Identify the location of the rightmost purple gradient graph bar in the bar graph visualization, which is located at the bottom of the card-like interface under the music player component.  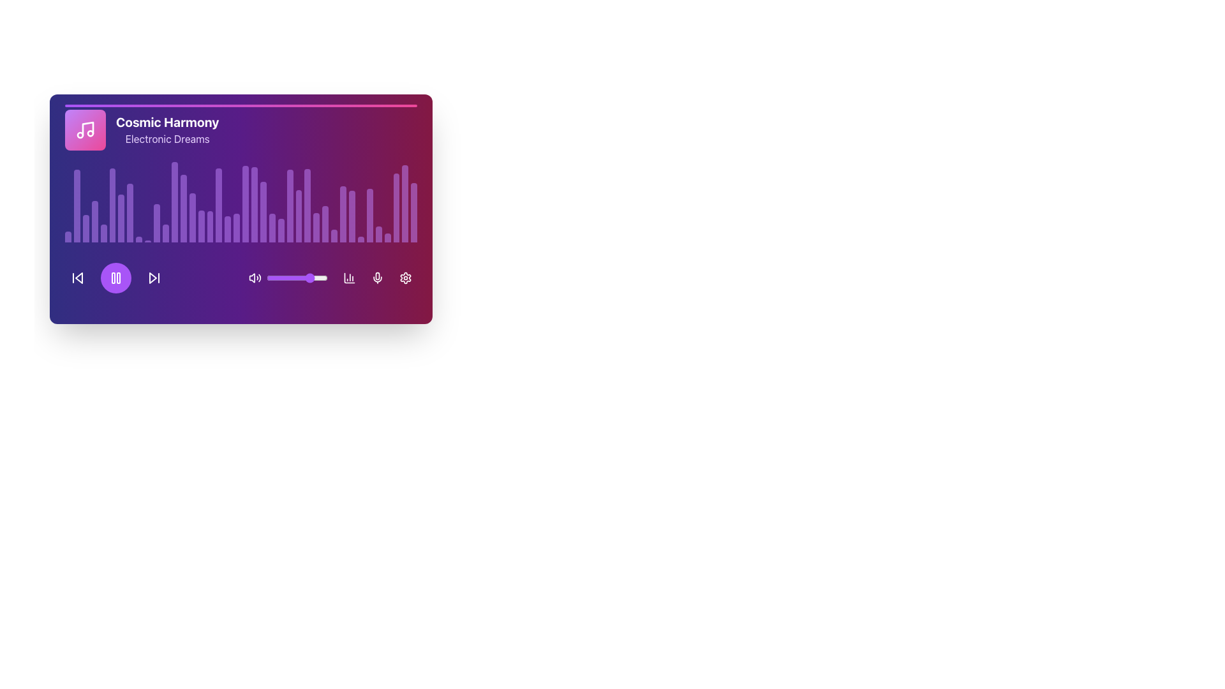
(405, 203).